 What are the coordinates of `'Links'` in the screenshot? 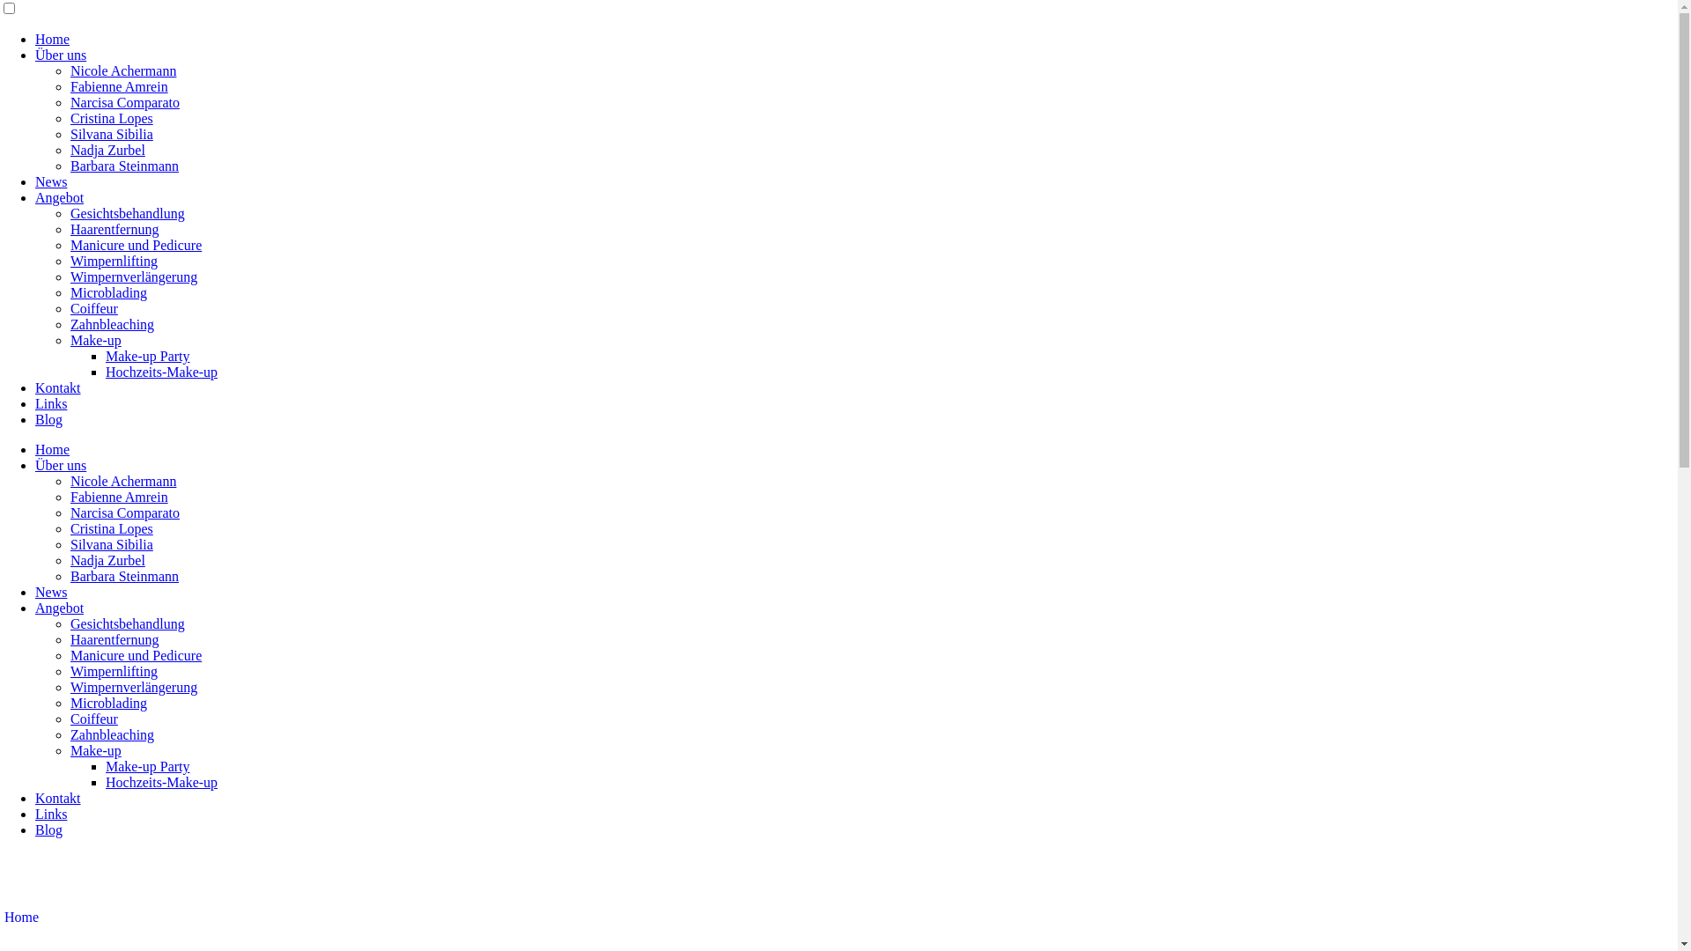 It's located at (50, 403).